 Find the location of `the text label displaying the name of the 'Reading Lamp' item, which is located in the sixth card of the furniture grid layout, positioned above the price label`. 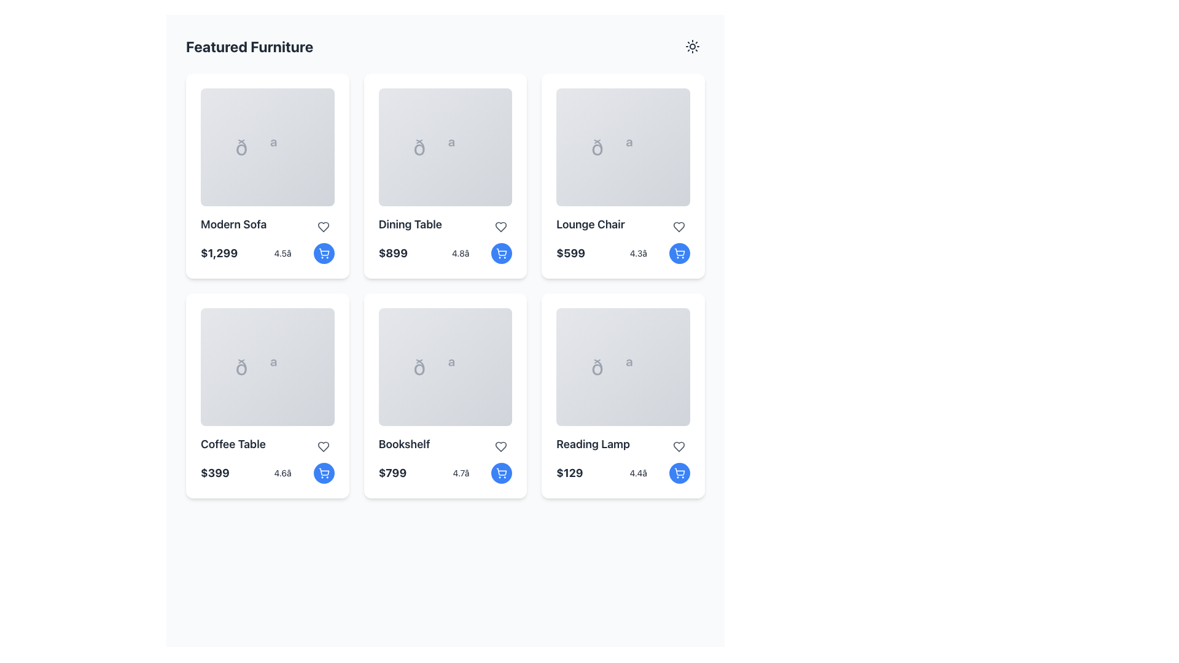

the text label displaying the name of the 'Reading Lamp' item, which is located in the sixth card of the furniture grid layout, positioned above the price label is located at coordinates (593, 444).